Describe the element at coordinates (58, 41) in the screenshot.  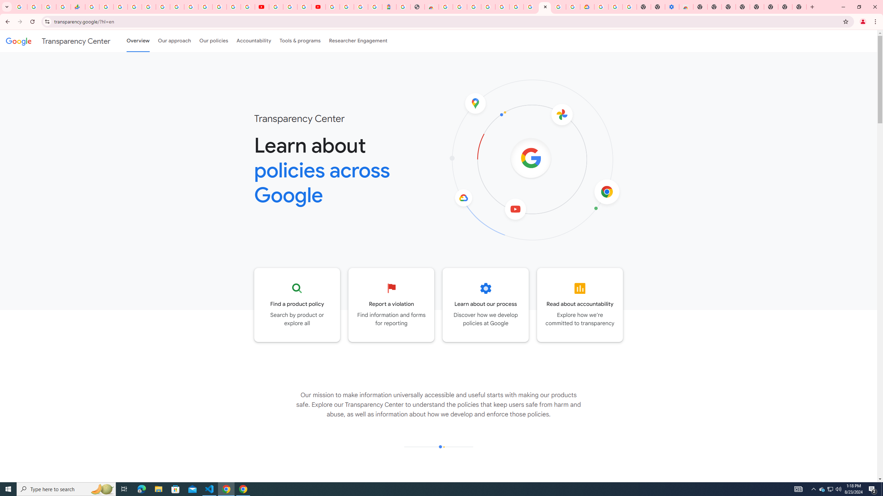
I see `'Transparency Center'` at that location.